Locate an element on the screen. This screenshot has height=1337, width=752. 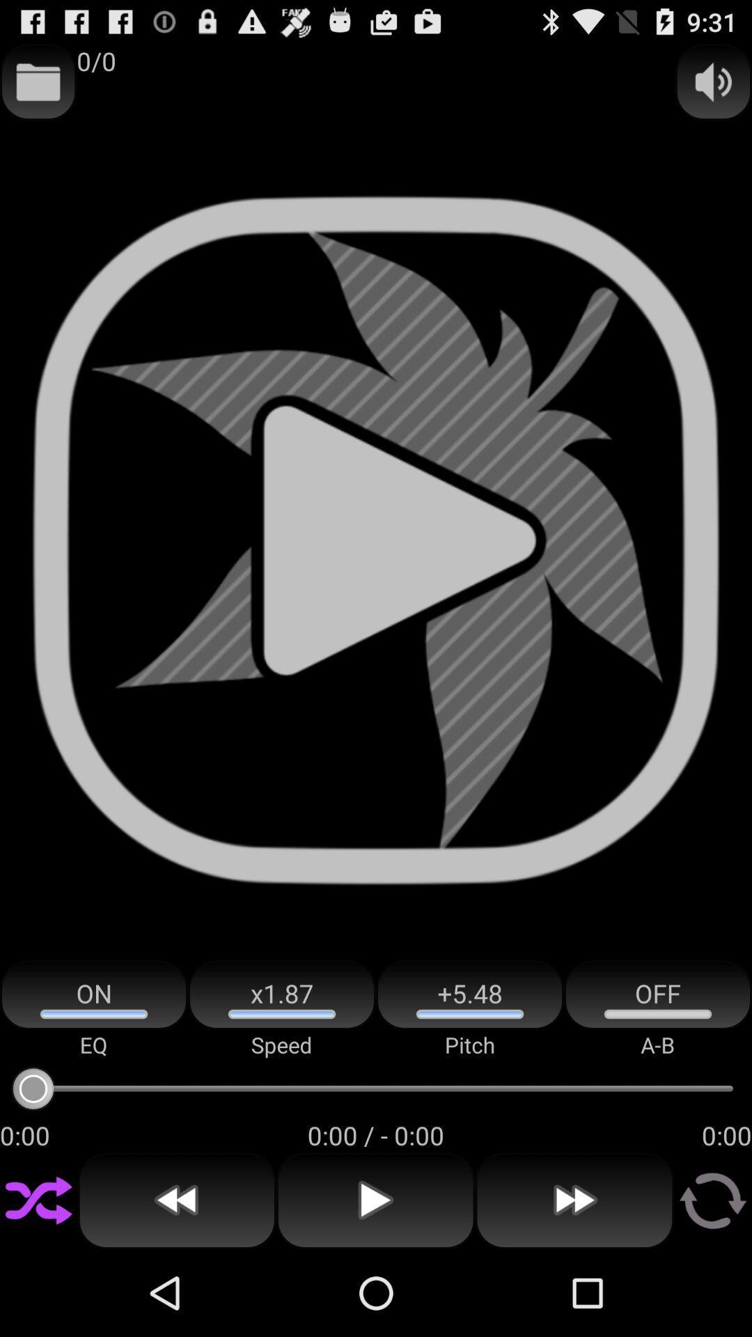
item next to the x1.87 is located at coordinates (470, 994).